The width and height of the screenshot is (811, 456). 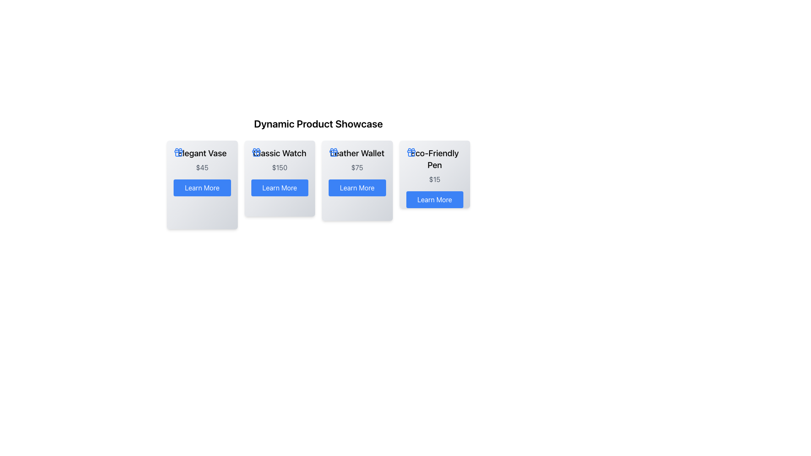 I want to click on the blue 'Learn More' button with rounded corners located in the second card labeled 'Classic Watch' and '$150', so click(x=280, y=187).